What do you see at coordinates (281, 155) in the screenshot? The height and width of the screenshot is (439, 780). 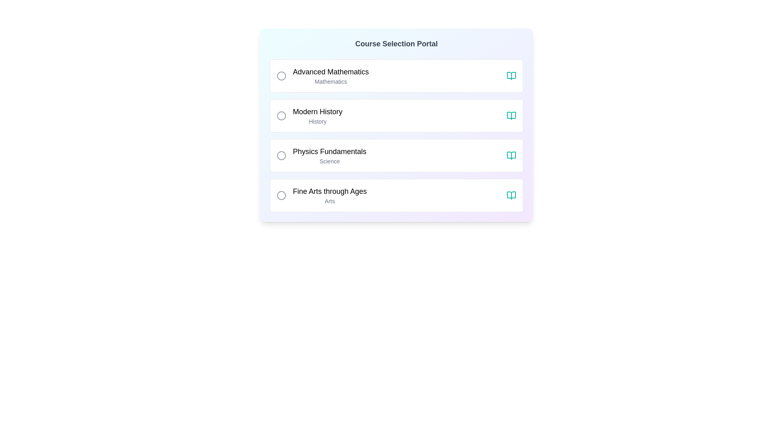 I see `to select the radio button for 'Physics Fundamentals', which is the first option in the list of selectable options` at bounding box center [281, 155].